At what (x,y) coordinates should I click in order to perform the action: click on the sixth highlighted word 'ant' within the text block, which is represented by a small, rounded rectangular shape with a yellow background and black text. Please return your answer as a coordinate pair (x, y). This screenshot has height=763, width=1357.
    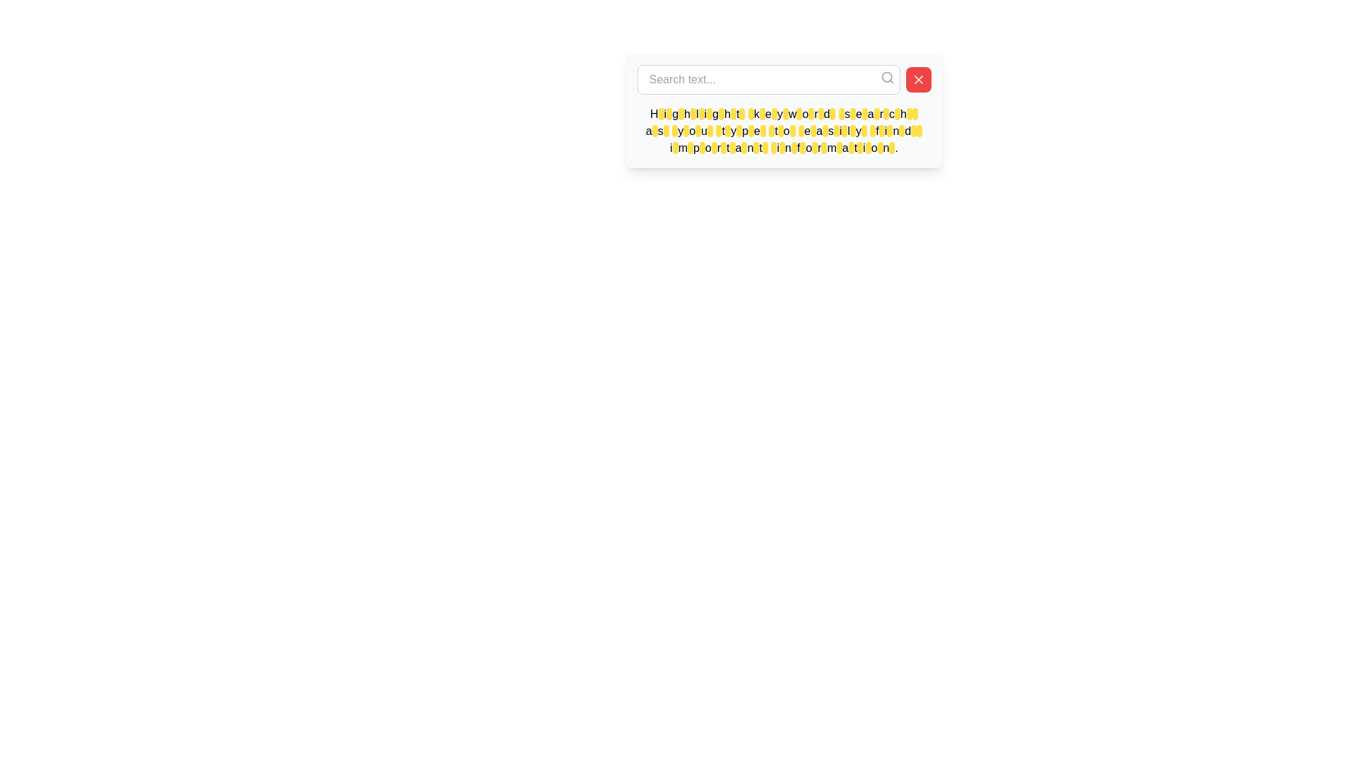
    Looking at the image, I should click on (732, 148).